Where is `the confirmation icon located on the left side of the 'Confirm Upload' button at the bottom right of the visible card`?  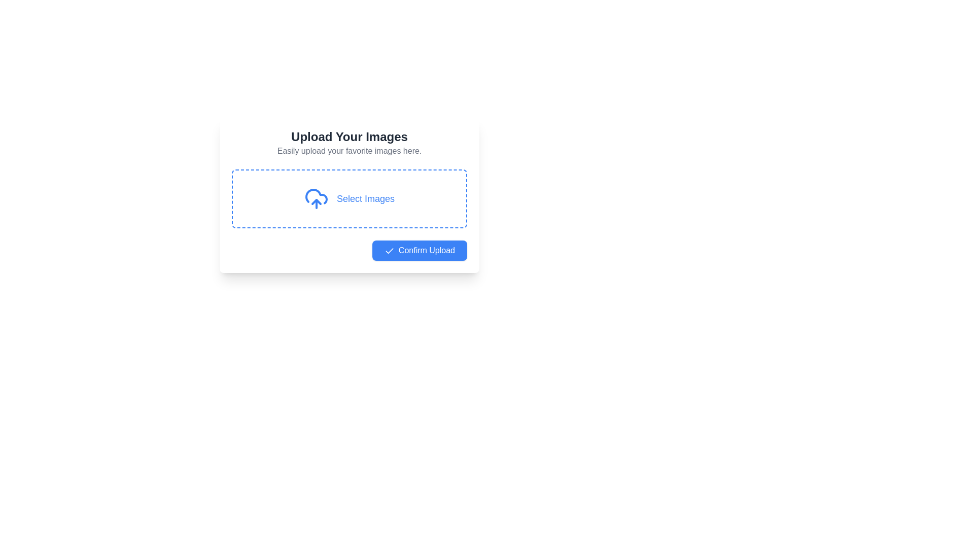
the confirmation icon located on the left side of the 'Confirm Upload' button at the bottom right of the visible card is located at coordinates (389, 251).